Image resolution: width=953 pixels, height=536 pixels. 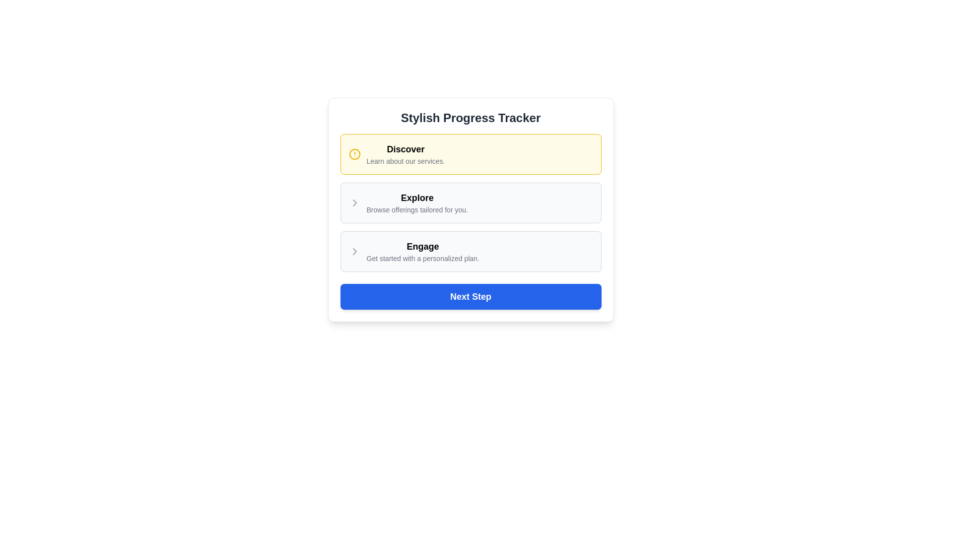 I want to click on the text label displaying 'Engage', which is the second item in the vertical stack of a progress tracker, located between 'Explore' and 'Get started with a personalized plan', so click(x=423, y=246).